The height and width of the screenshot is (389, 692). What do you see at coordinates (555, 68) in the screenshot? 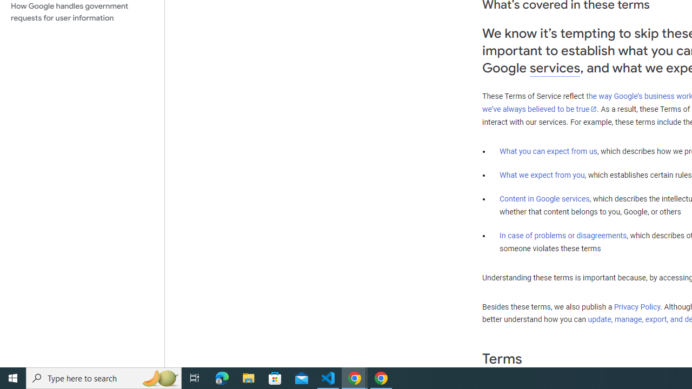
I see `'services'` at bounding box center [555, 68].